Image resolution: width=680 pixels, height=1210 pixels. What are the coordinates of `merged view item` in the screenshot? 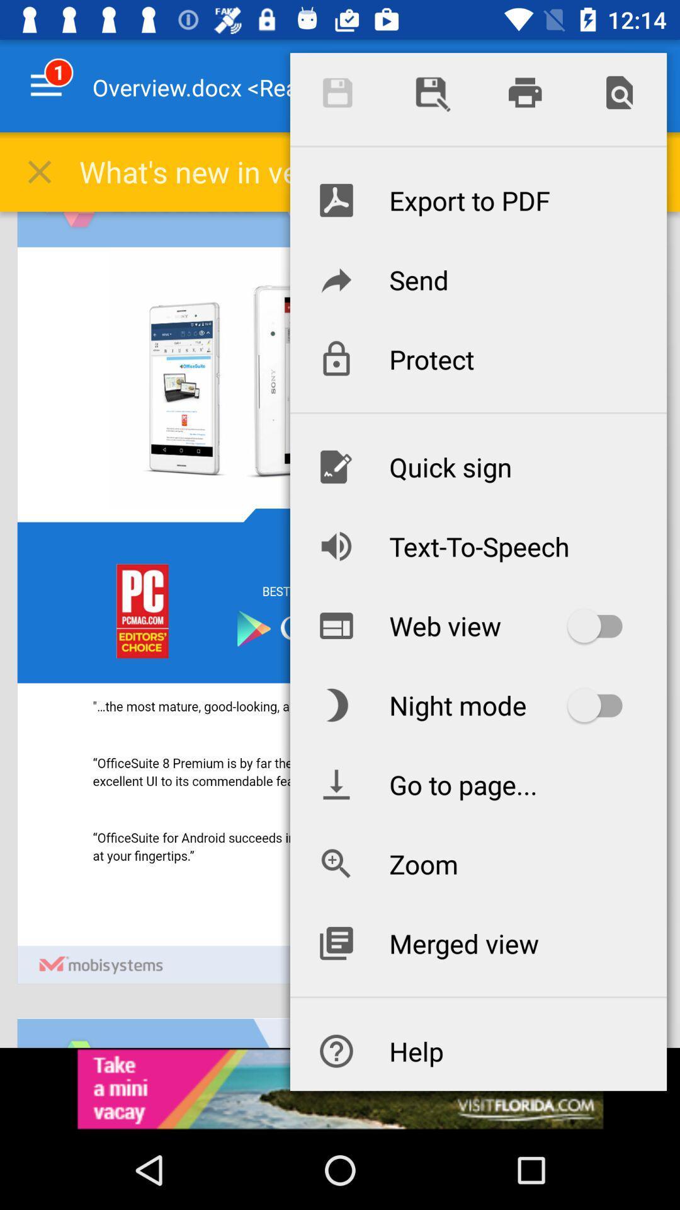 It's located at (478, 943).